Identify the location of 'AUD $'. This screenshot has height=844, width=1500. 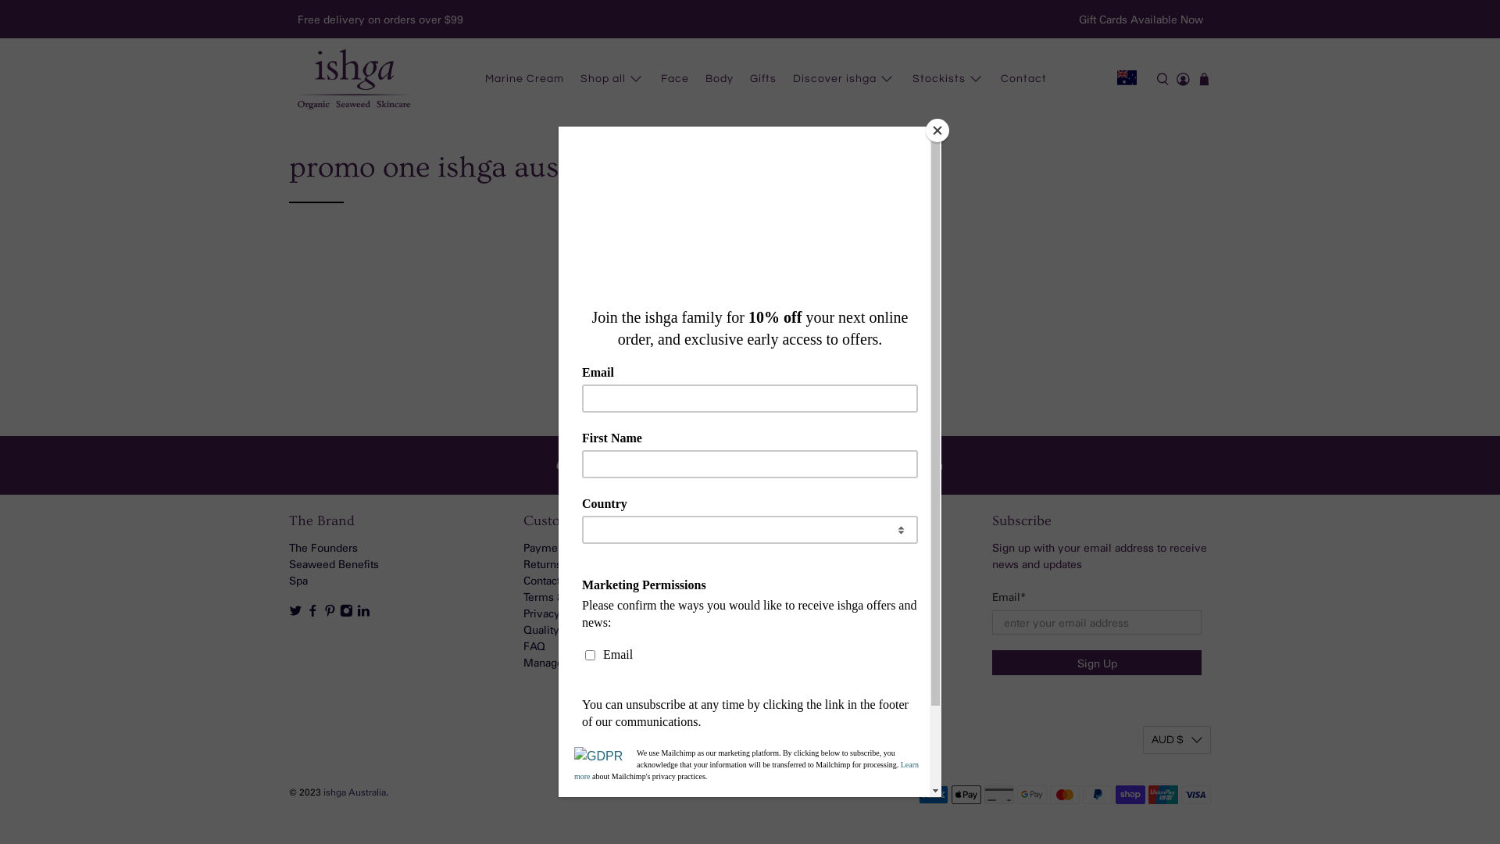
(1177, 739).